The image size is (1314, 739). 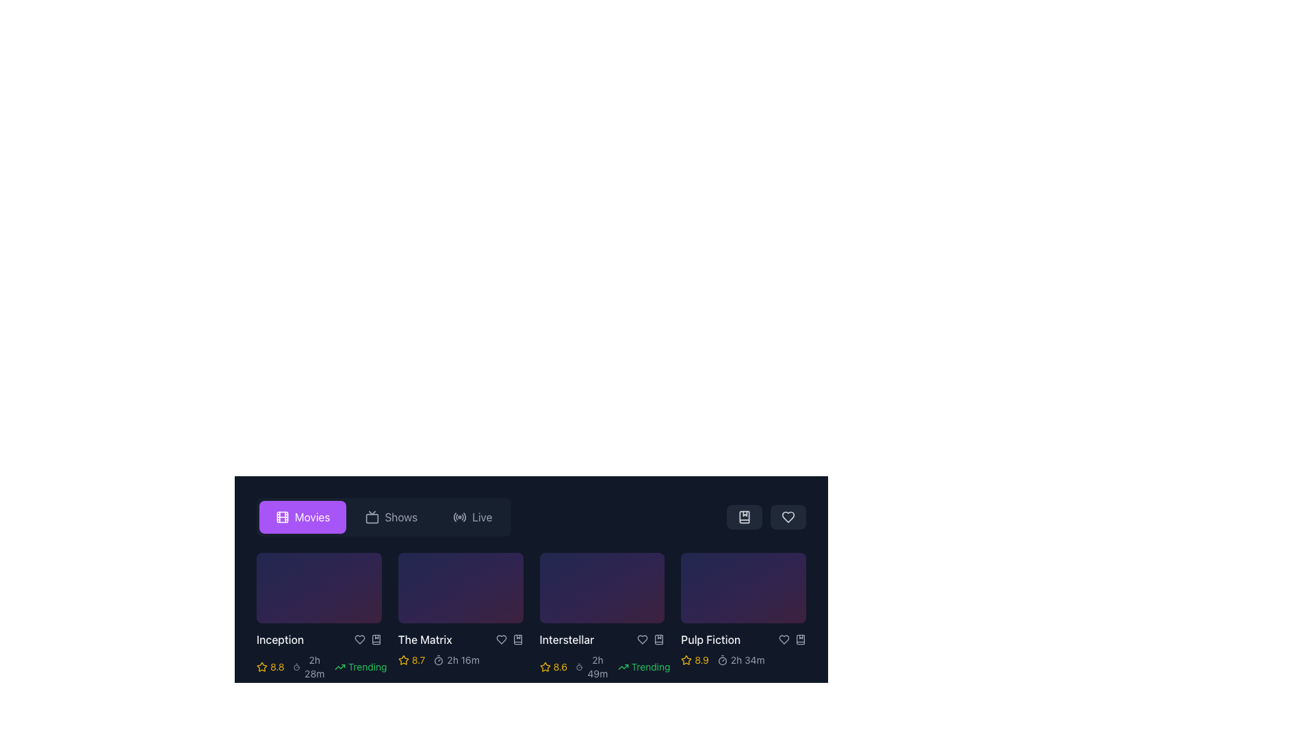 What do you see at coordinates (721, 659) in the screenshot?
I see `the timer icon next to the text '2h 34m' in the bottom-right corner of the movie card labeled 'Pulp Fiction'` at bounding box center [721, 659].